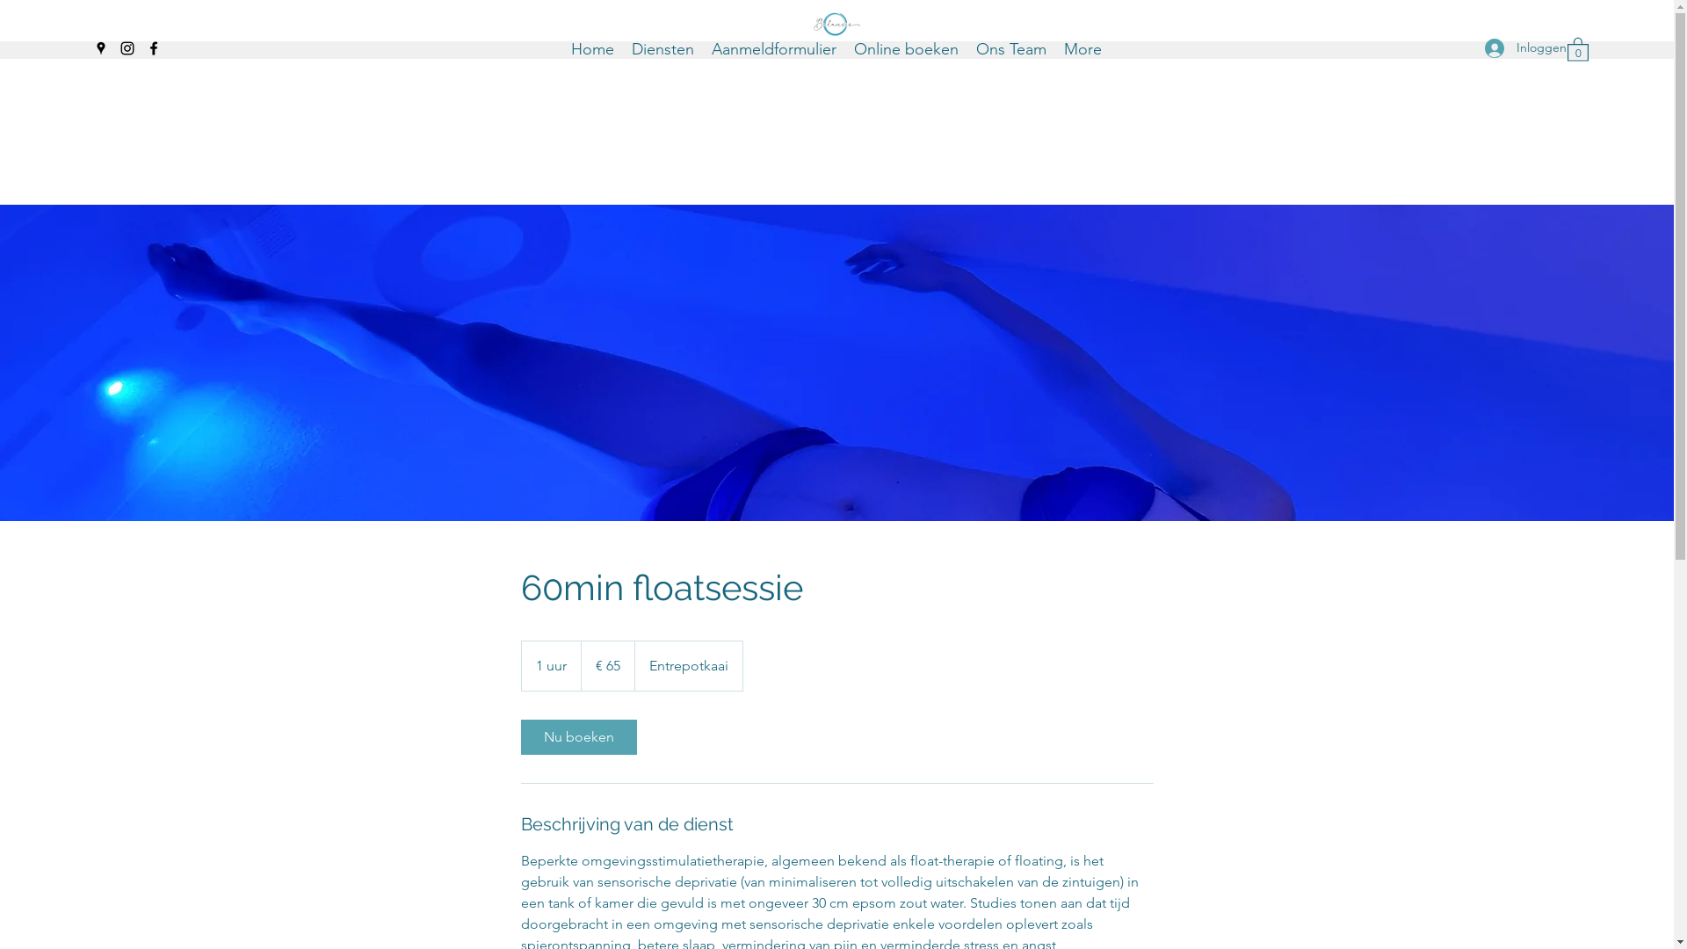  Describe the element at coordinates (1511, 47) in the screenshot. I see `'Inloggen'` at that location.